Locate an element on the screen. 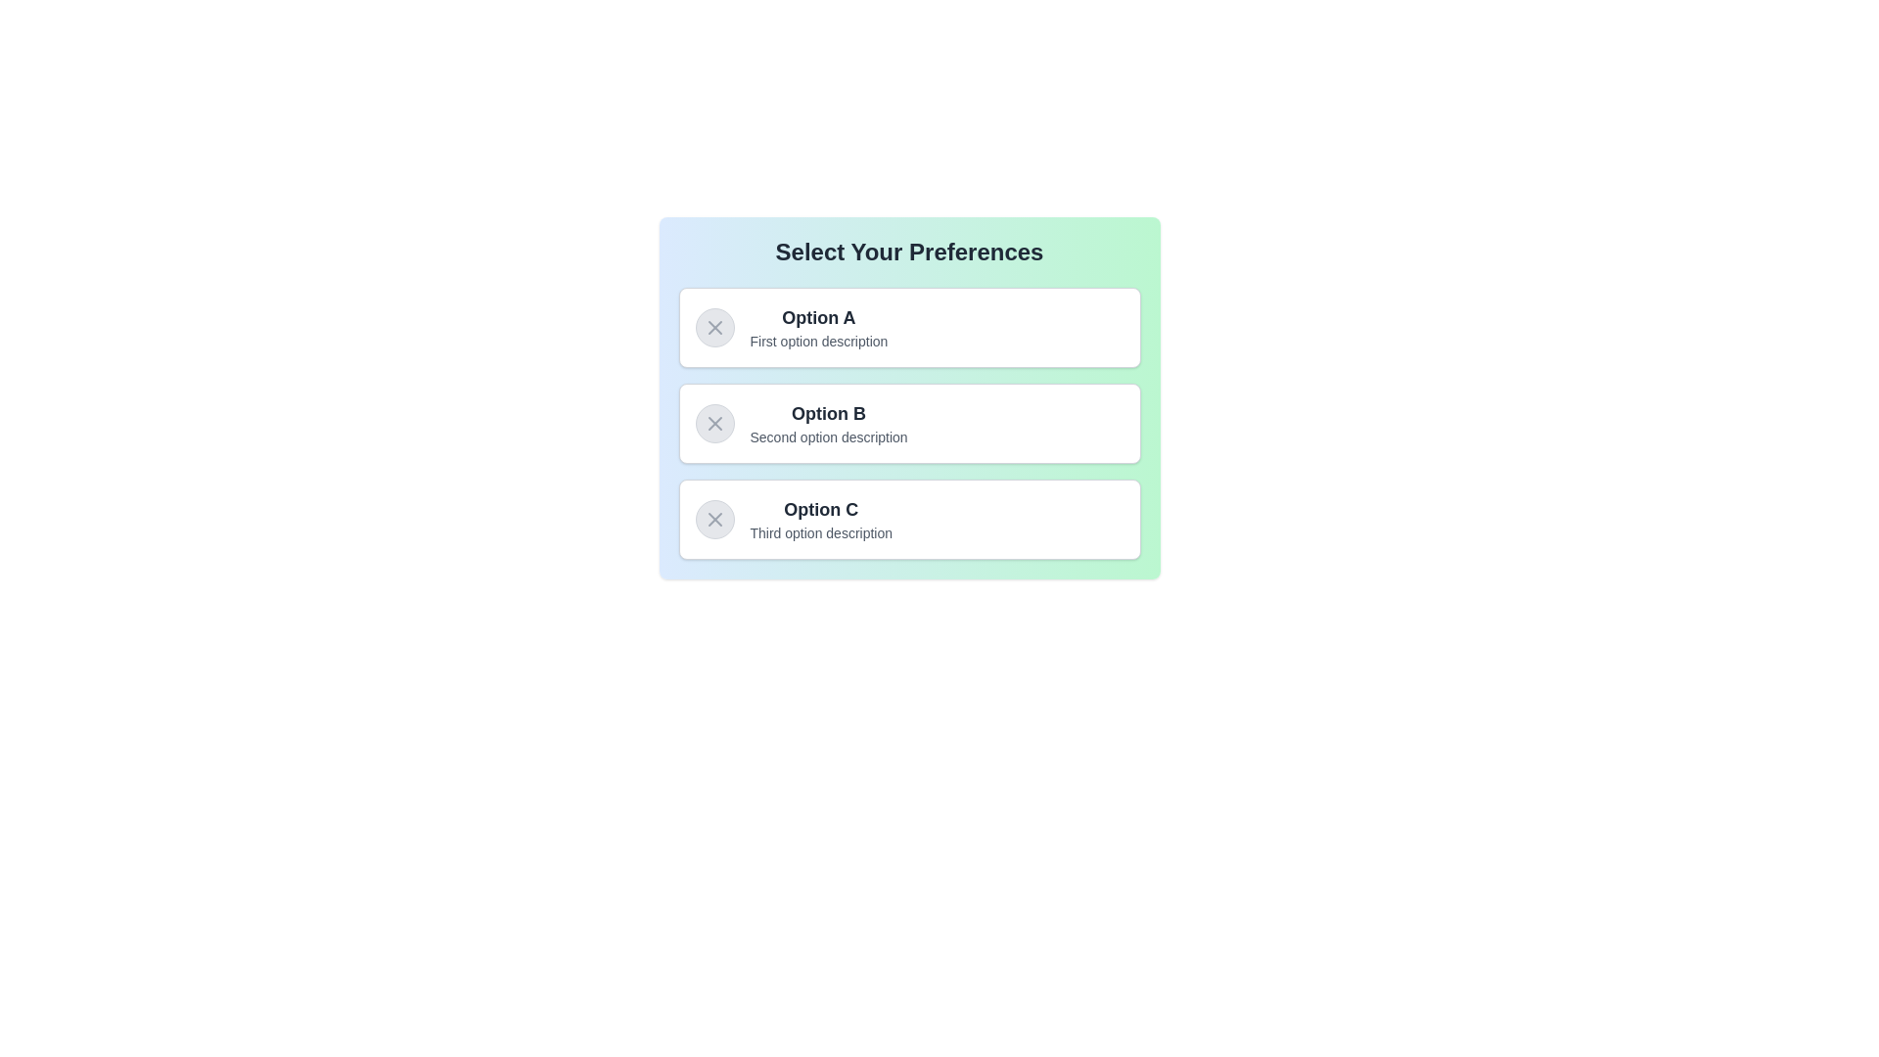 Image resolution: width=1879 pixels, height=1057 pixels. the button located at the far left of the 'Option A' row to deselect the corresponding option is located at coordinates (713, 327).